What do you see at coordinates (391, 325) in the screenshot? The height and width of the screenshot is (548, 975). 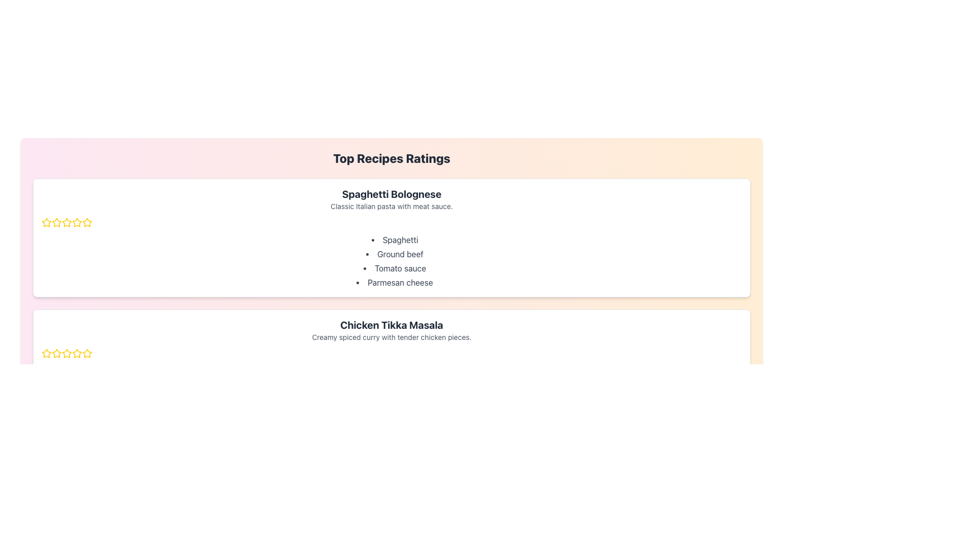 I see `bold text element stating 'Chicken Tikka Masala', which is positioned centrally below the title 'Top Recipes Ratings'` at bounding box center [391, 325].